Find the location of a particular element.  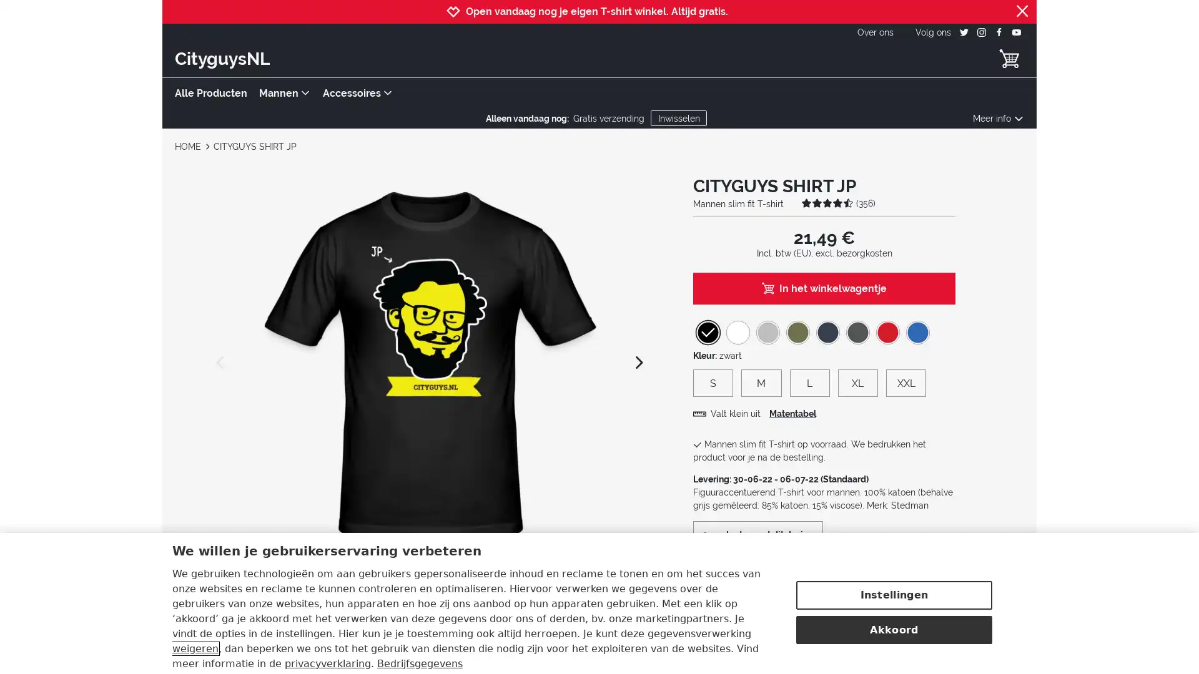

CITYGUYS SHIRT JP view 1 is located at coordinates (320, 593).